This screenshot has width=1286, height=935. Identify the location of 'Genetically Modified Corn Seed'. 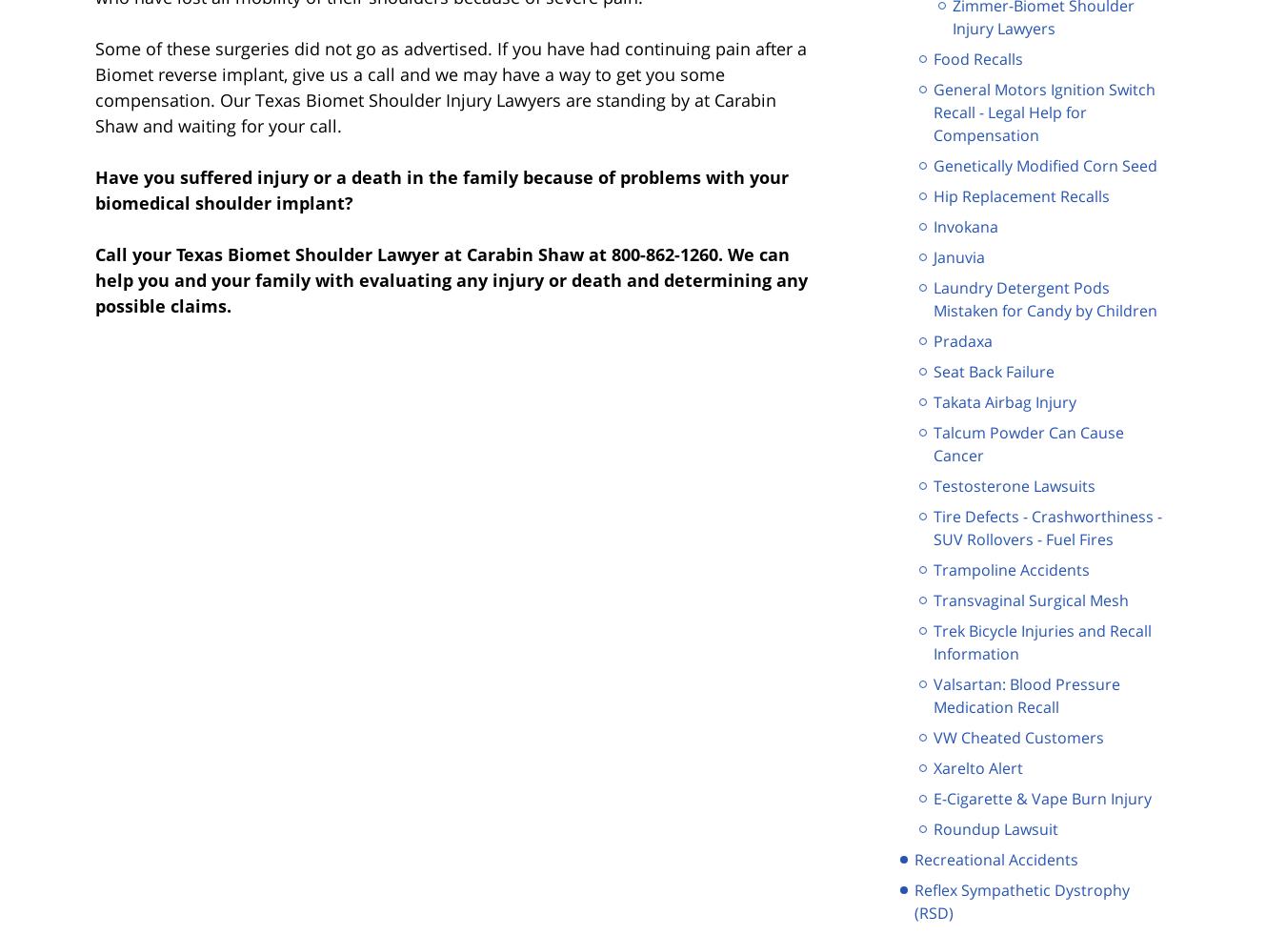
(1045, 164).